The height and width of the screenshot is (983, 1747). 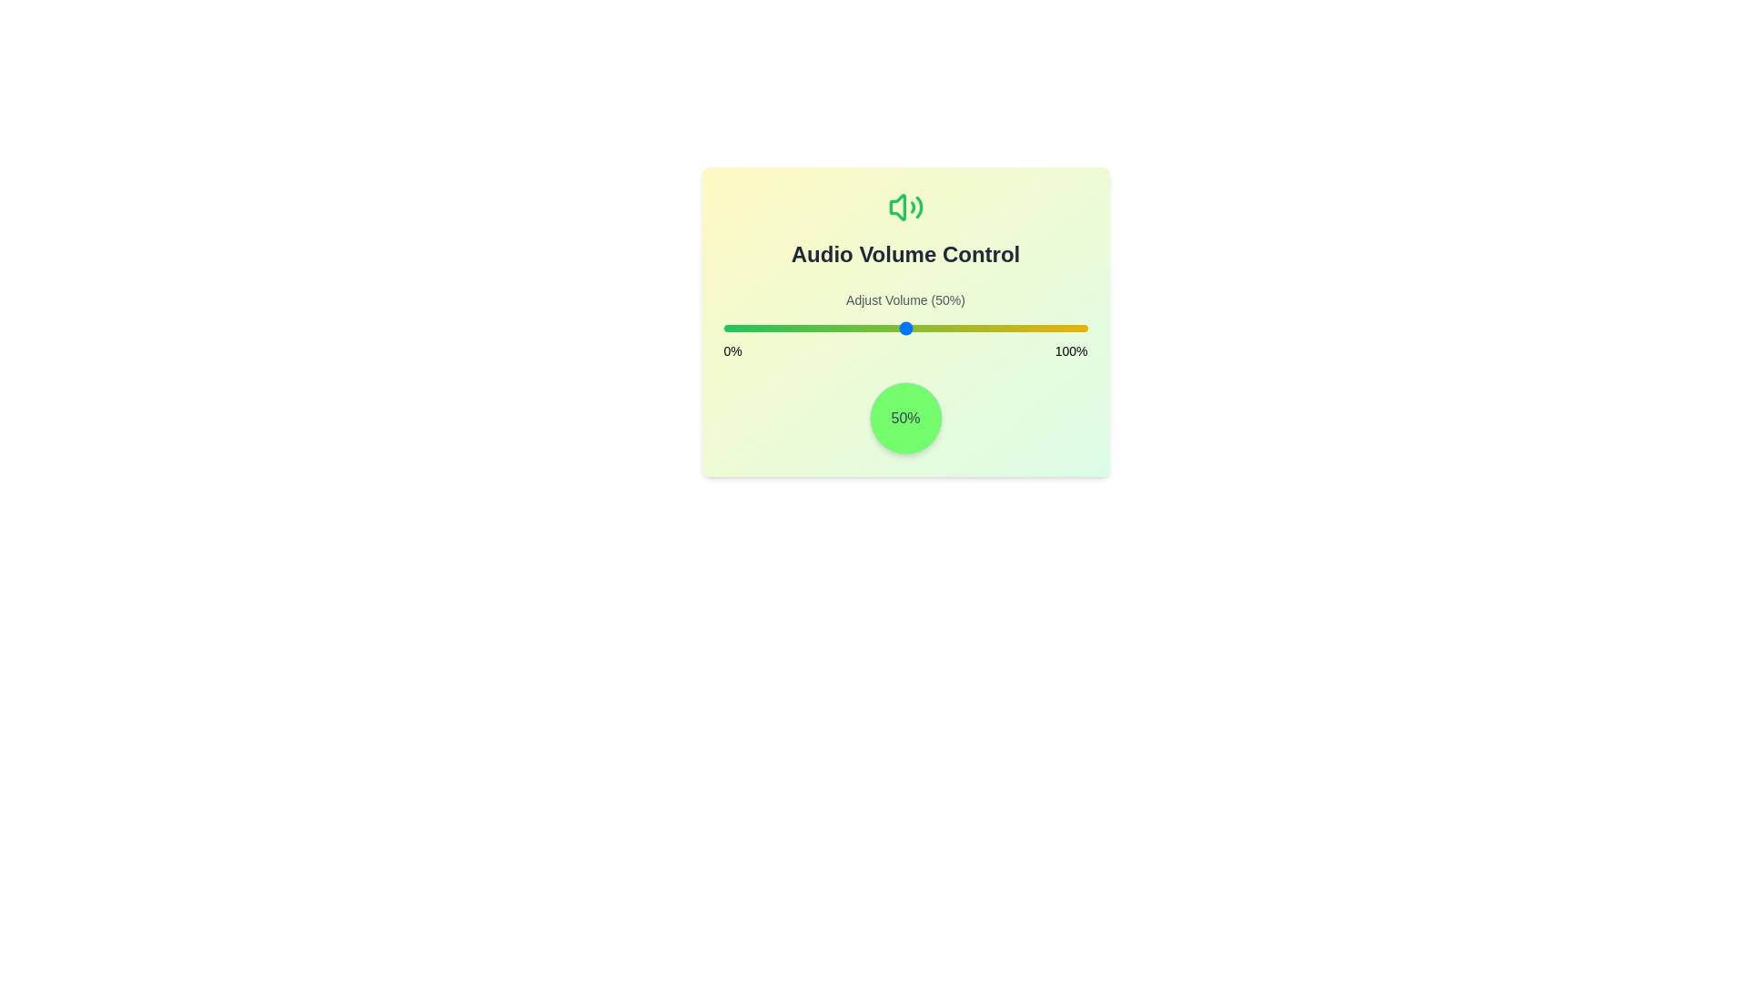 What do you see at coordinates (905, 206) in the screenshot?
I see `the 'Volume2' icon to interact with it` at bounding box center [905, 206].